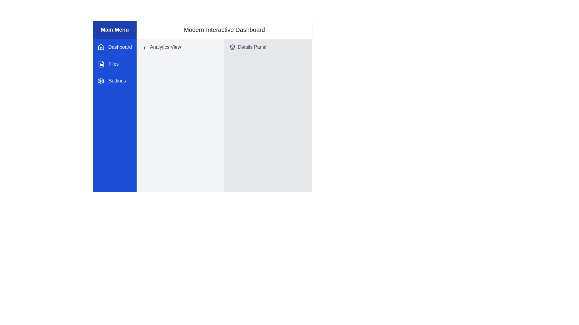  Describe the element at coordinates (180, 47) in the screenshot. I see `the 'Analytics View' navigation link located in the left panel just below the 'Main Menu' header` at that location.